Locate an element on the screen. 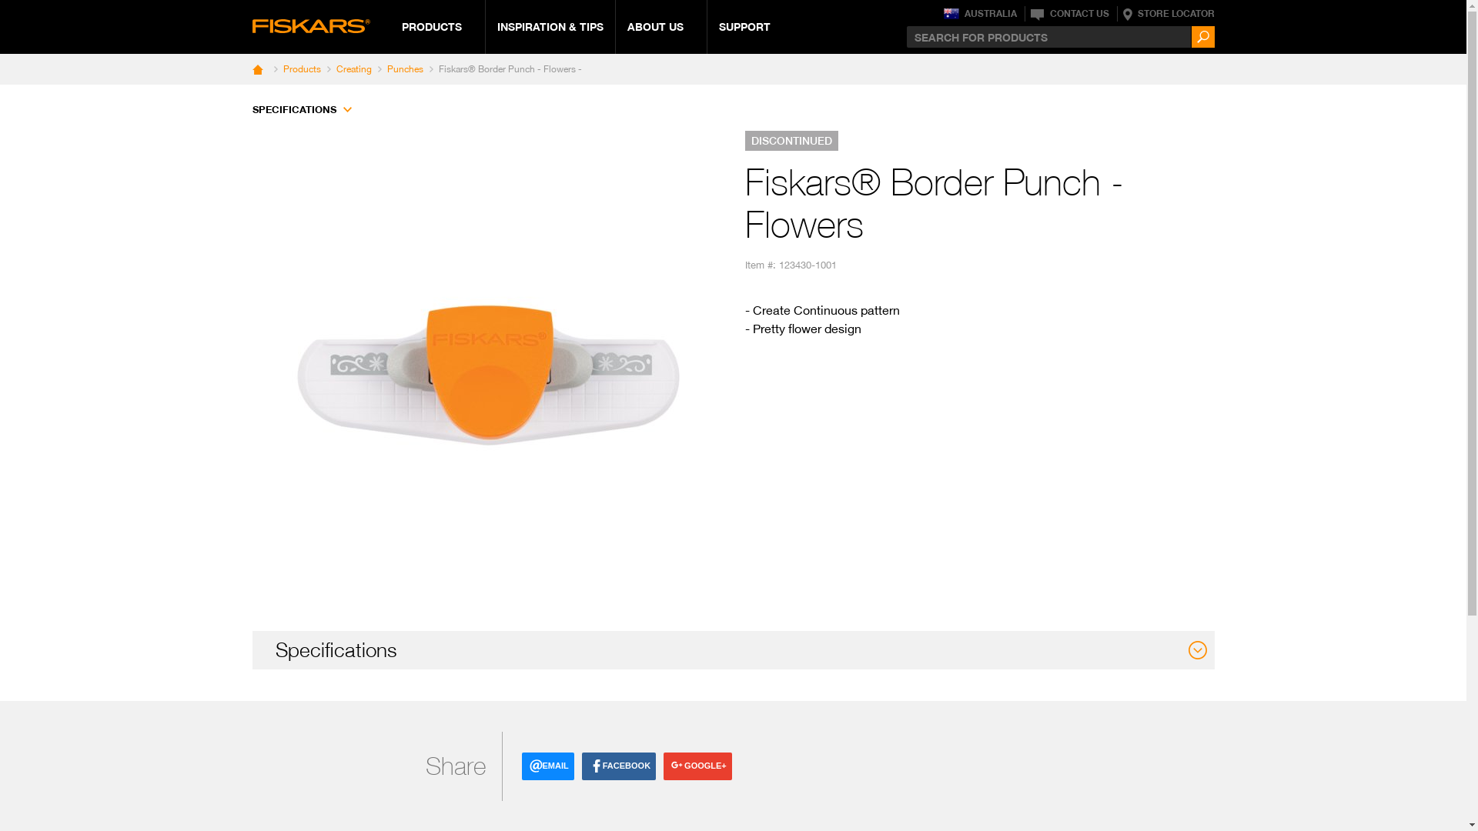  'CONTACT US' is located at coordinates (1068, 14).